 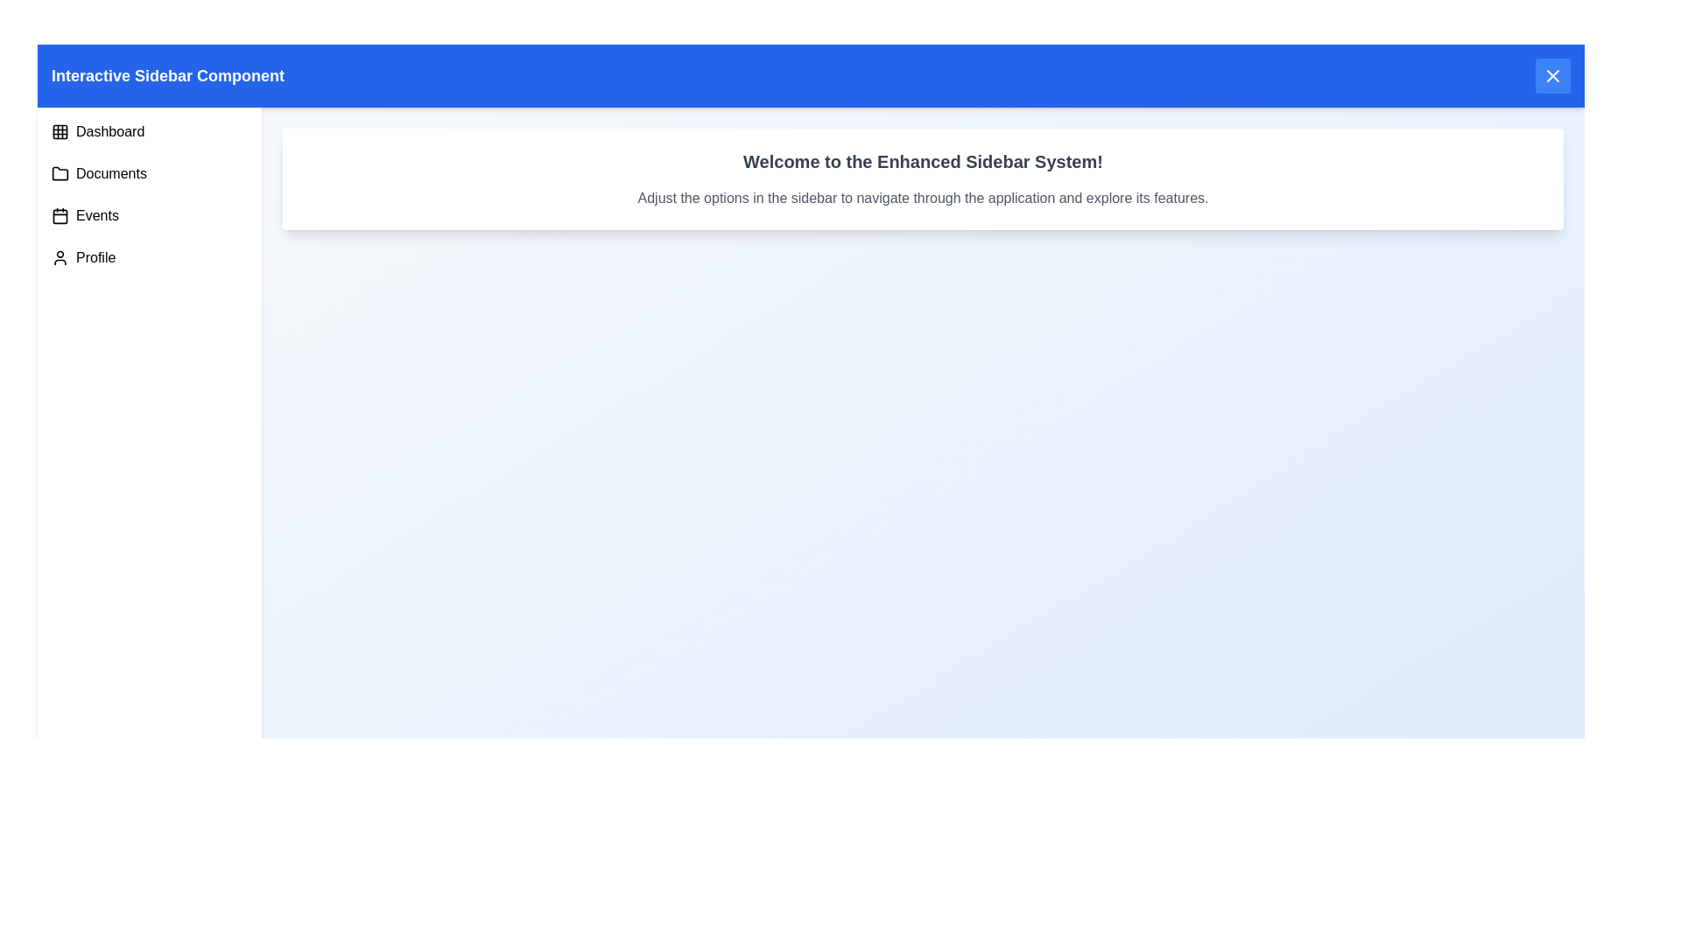 I want to click on the 'Events' text label in the vertical sidebar menu, so click(x=96, y=214).